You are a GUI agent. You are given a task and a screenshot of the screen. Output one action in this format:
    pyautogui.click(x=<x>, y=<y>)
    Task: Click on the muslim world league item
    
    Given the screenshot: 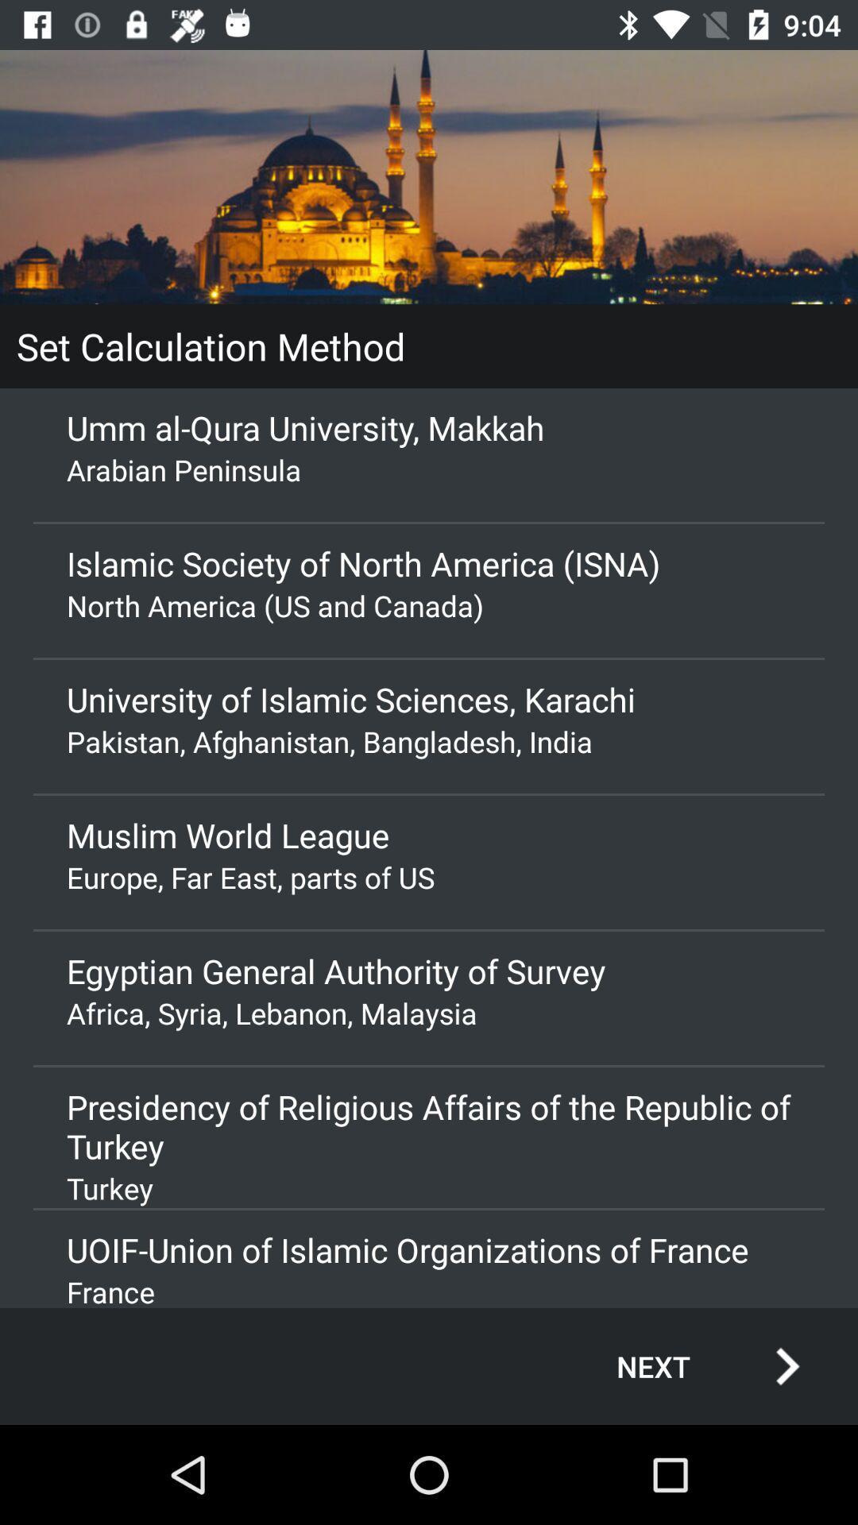 What is the action you would take?
    pyautogui.click(x=429, y=834)
    